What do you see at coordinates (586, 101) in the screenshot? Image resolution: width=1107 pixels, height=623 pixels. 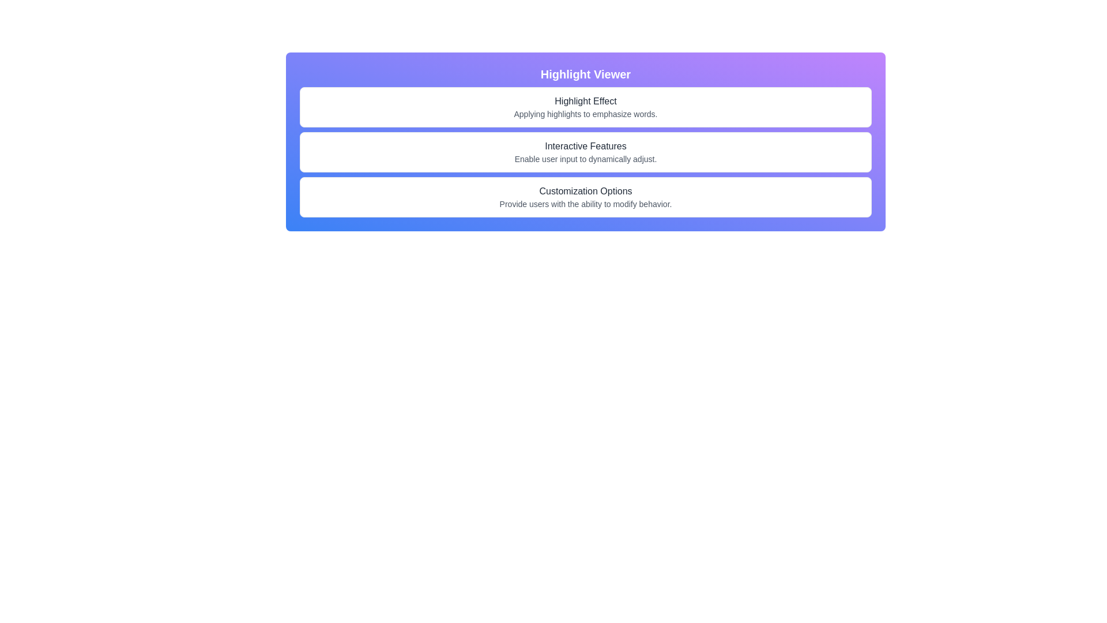 I see `the text content of the Text Label located below the 'Highlight Viewer' header` at bounding box center [586, 101].